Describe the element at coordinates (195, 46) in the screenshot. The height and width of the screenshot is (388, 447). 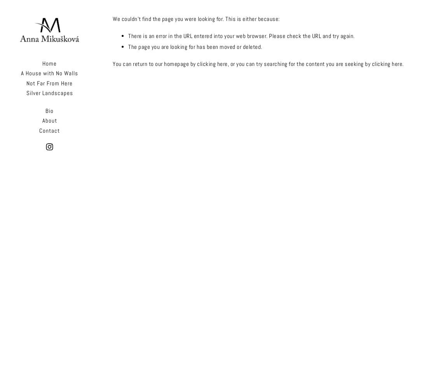
I see `'The page you are looking for has been moved or deleted.'` at that location.